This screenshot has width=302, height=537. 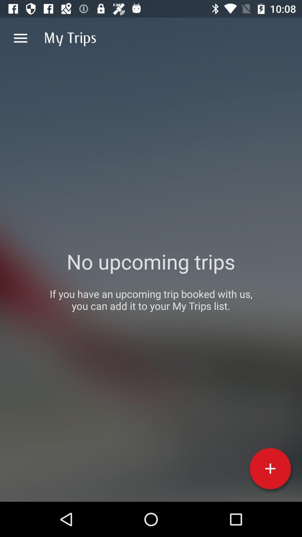 I want to click on trip, so click(x=270, y=468).